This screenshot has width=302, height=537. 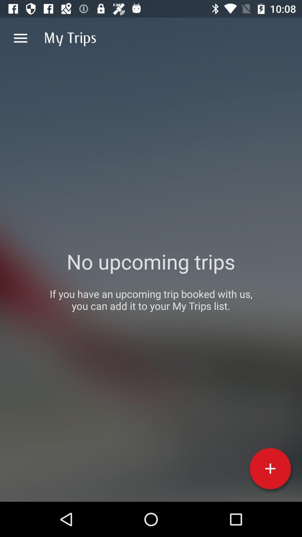 I want to click on trip, so click(x=270, y=468).